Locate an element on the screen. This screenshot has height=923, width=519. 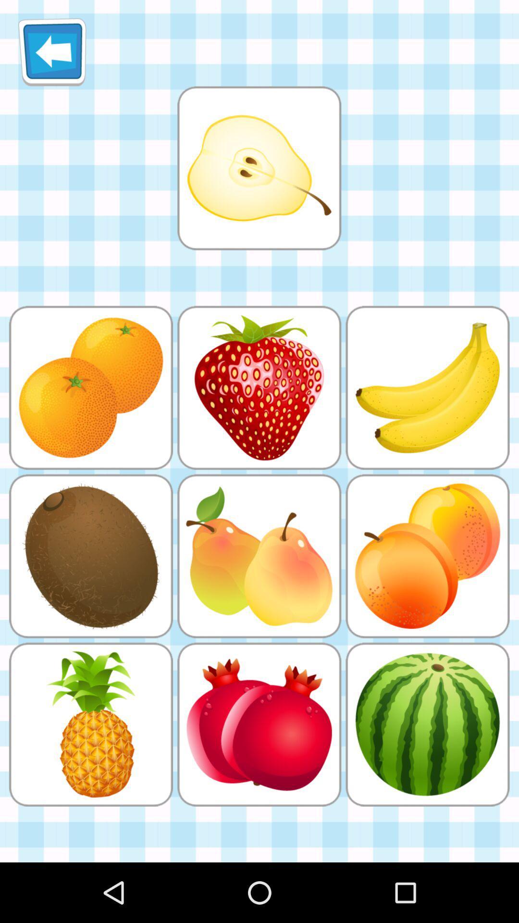
match image of pear is located at coordinates (259, 168).